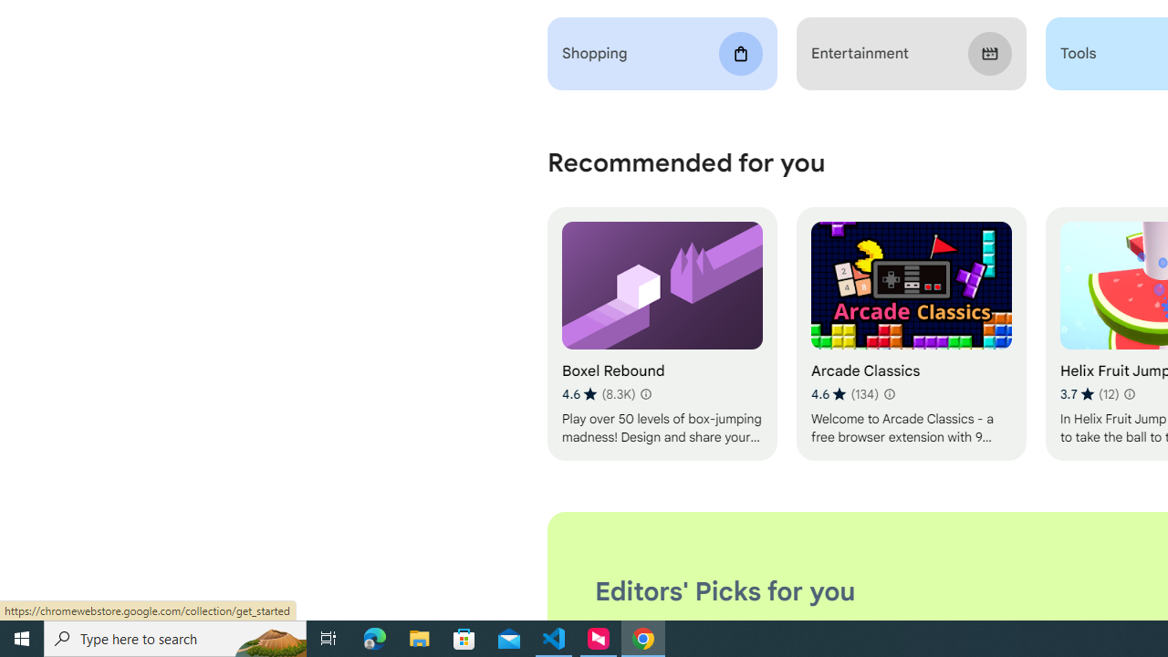  What do you see at coordinates (911, 53) in the screenshot?
I see `'Entertainment'` at bounding box center [911, 53].